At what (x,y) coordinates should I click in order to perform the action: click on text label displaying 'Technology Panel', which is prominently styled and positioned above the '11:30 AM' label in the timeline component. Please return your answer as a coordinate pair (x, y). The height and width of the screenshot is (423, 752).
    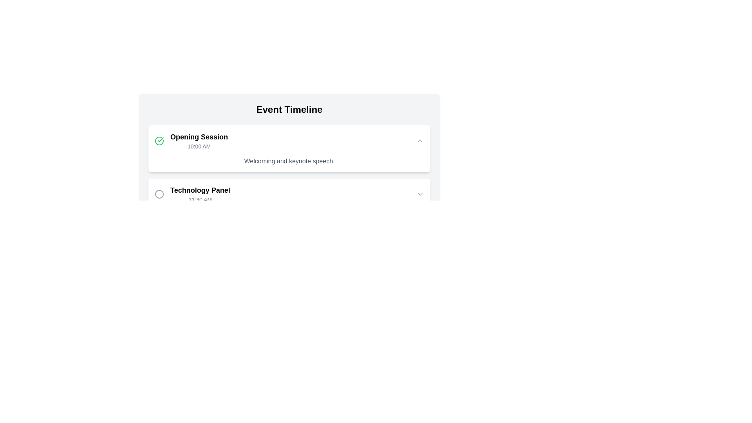
    Looking at the image, I should click on (200, 190).